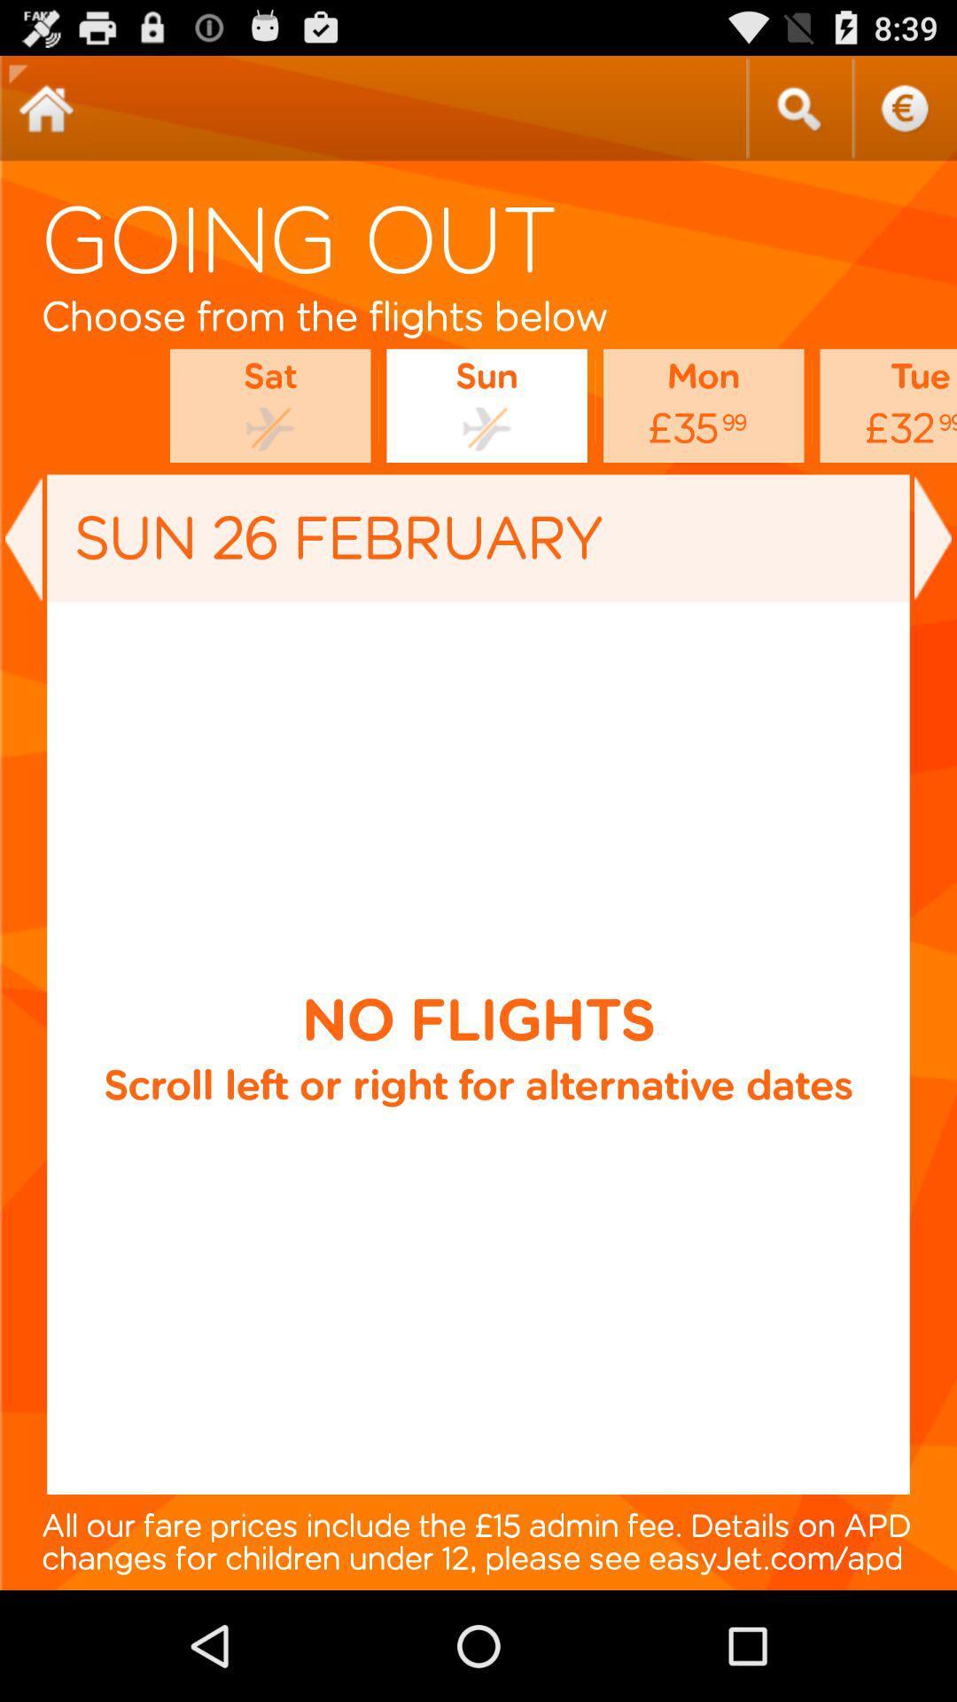 The image size is (957, 1702). What do you see at coordinates (904, 107) in the screenshot?
I see `price in euro` at bounding box center [904, 107].